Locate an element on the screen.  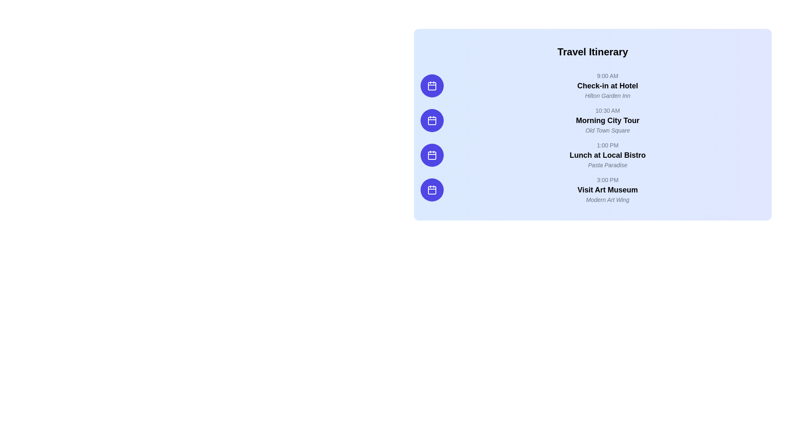
the second icon button in the vertical sequence of four on the left side of the 'Travel Itinerary' section, which indicates the availability of a calendar or schedule for the 'Morning City Tour' is located at coordinates (432, 121).